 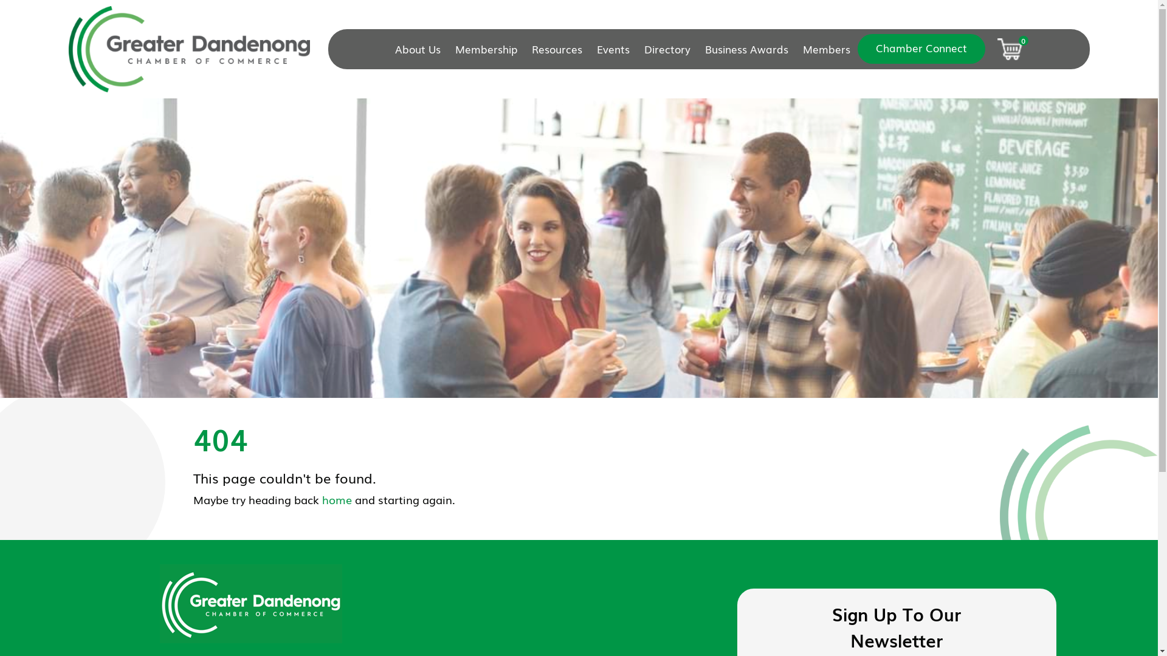 What do you see at coordinates (613, 49) in the screenshot?
I see `'Events'` at bounding box center [613, 49].